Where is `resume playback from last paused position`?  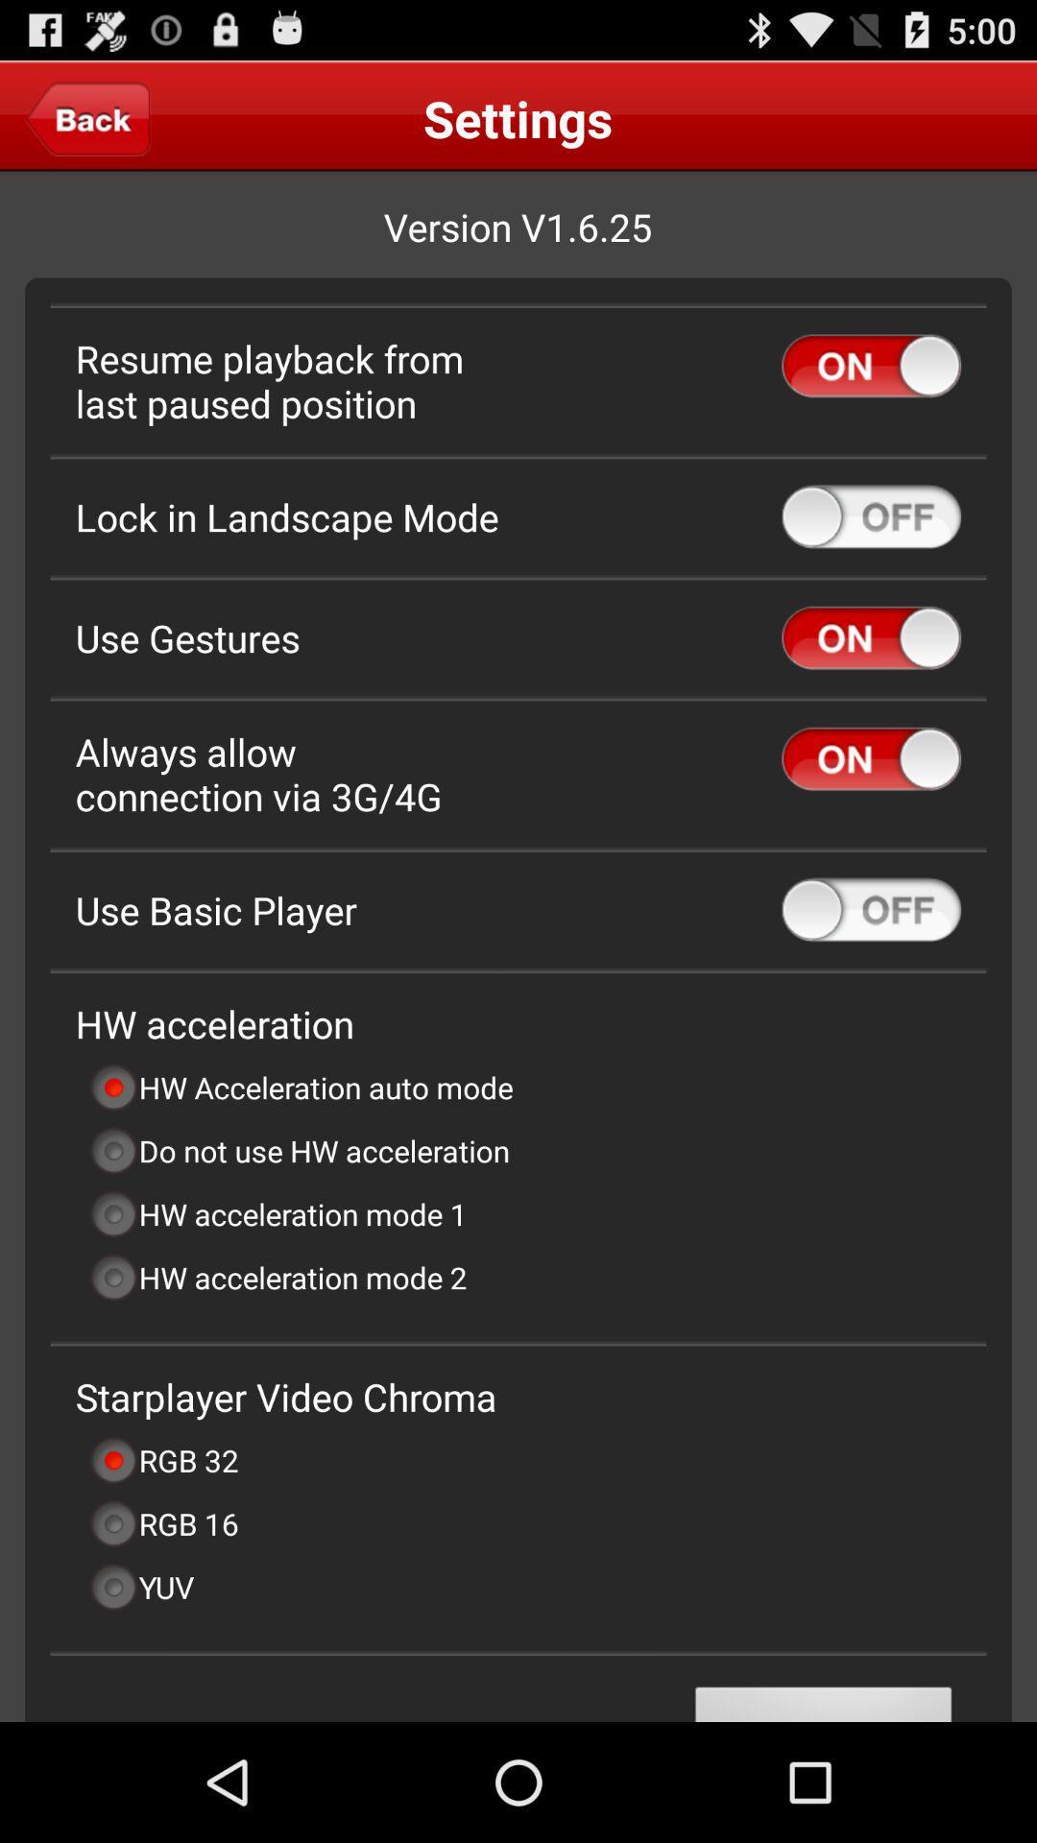
resume playback from last paused position is located at coordinates (871, 366).